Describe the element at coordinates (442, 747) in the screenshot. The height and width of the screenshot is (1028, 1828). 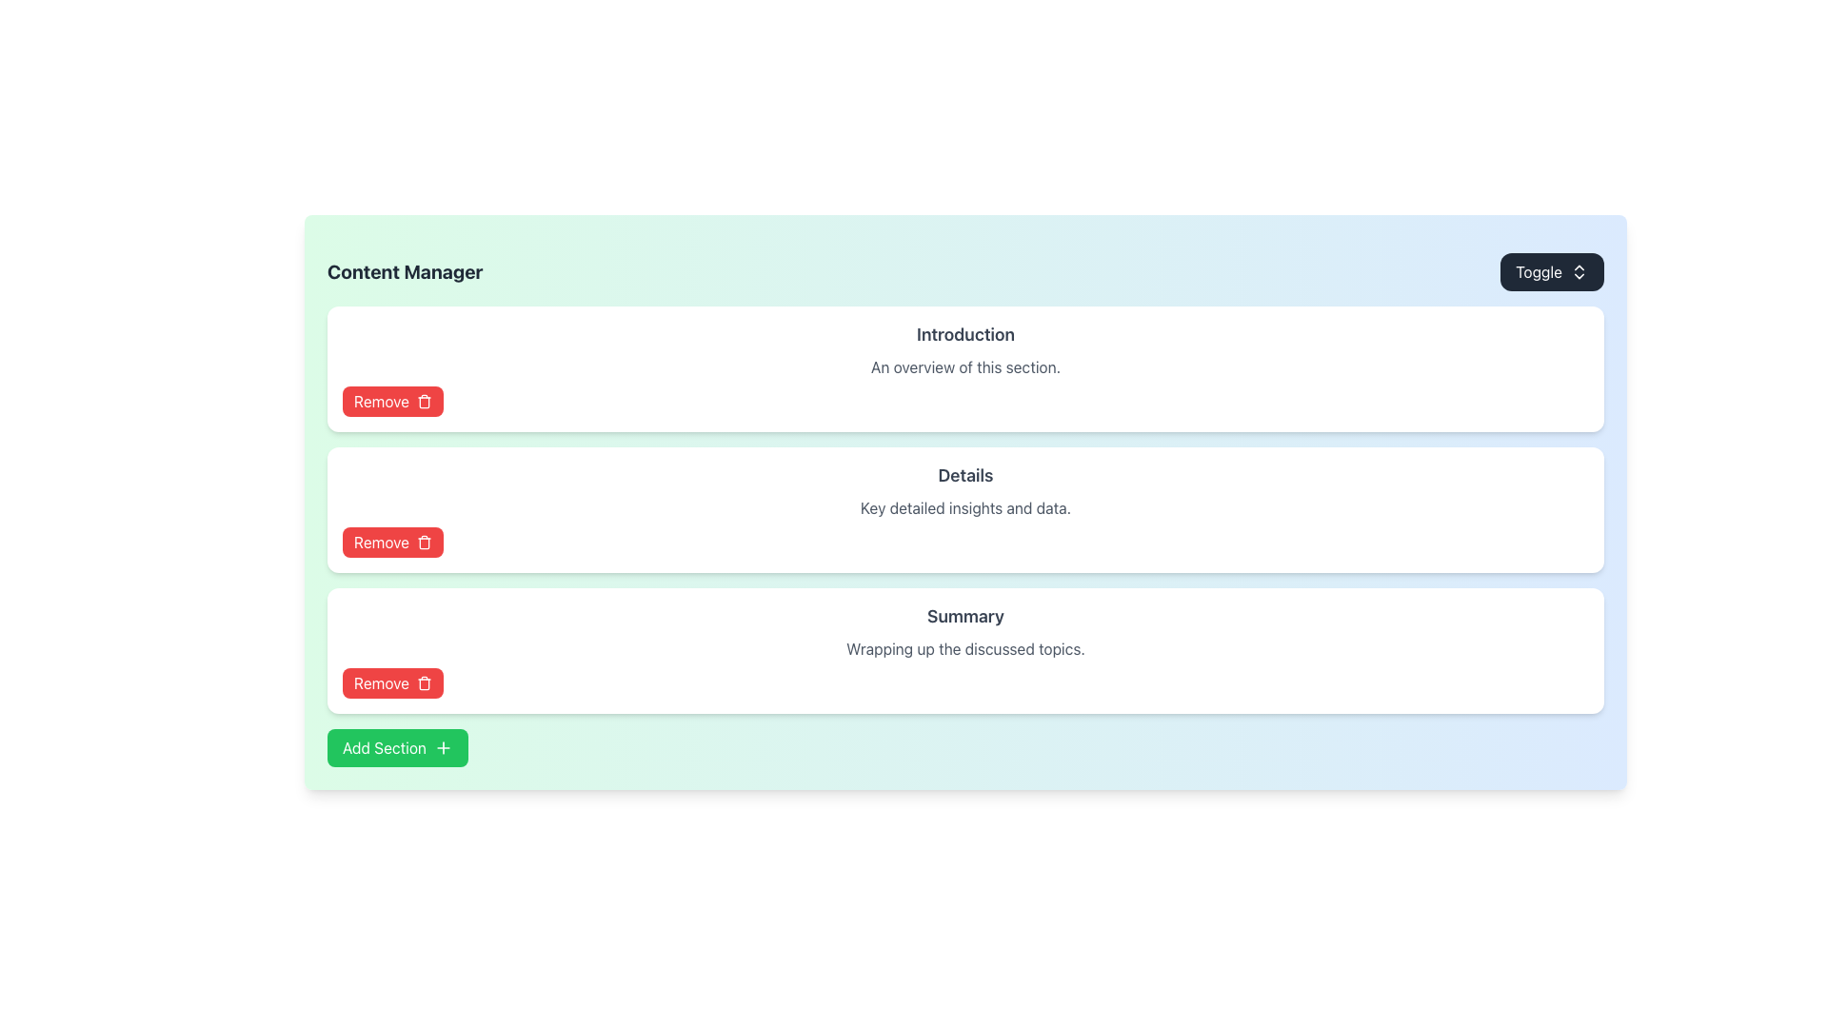
I see `the decorative SVG vector graphic icon that visually represents the addition operation, located immediately to the right of the 'Add Section' button's label, centered vertically within the button's boundaries` at that location.